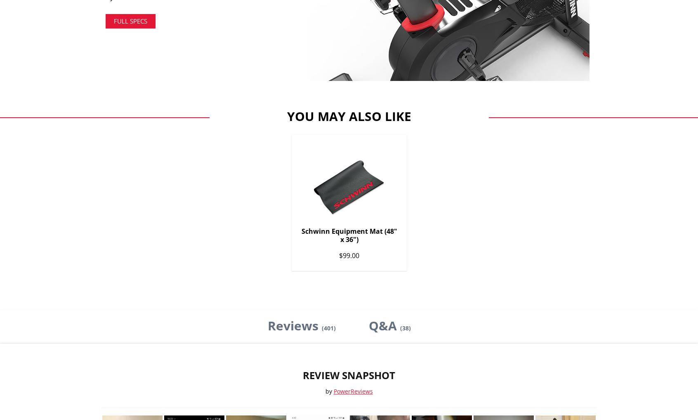 The image size is (698, 420). I want to click on 'Full Specs', so click(130, 20).